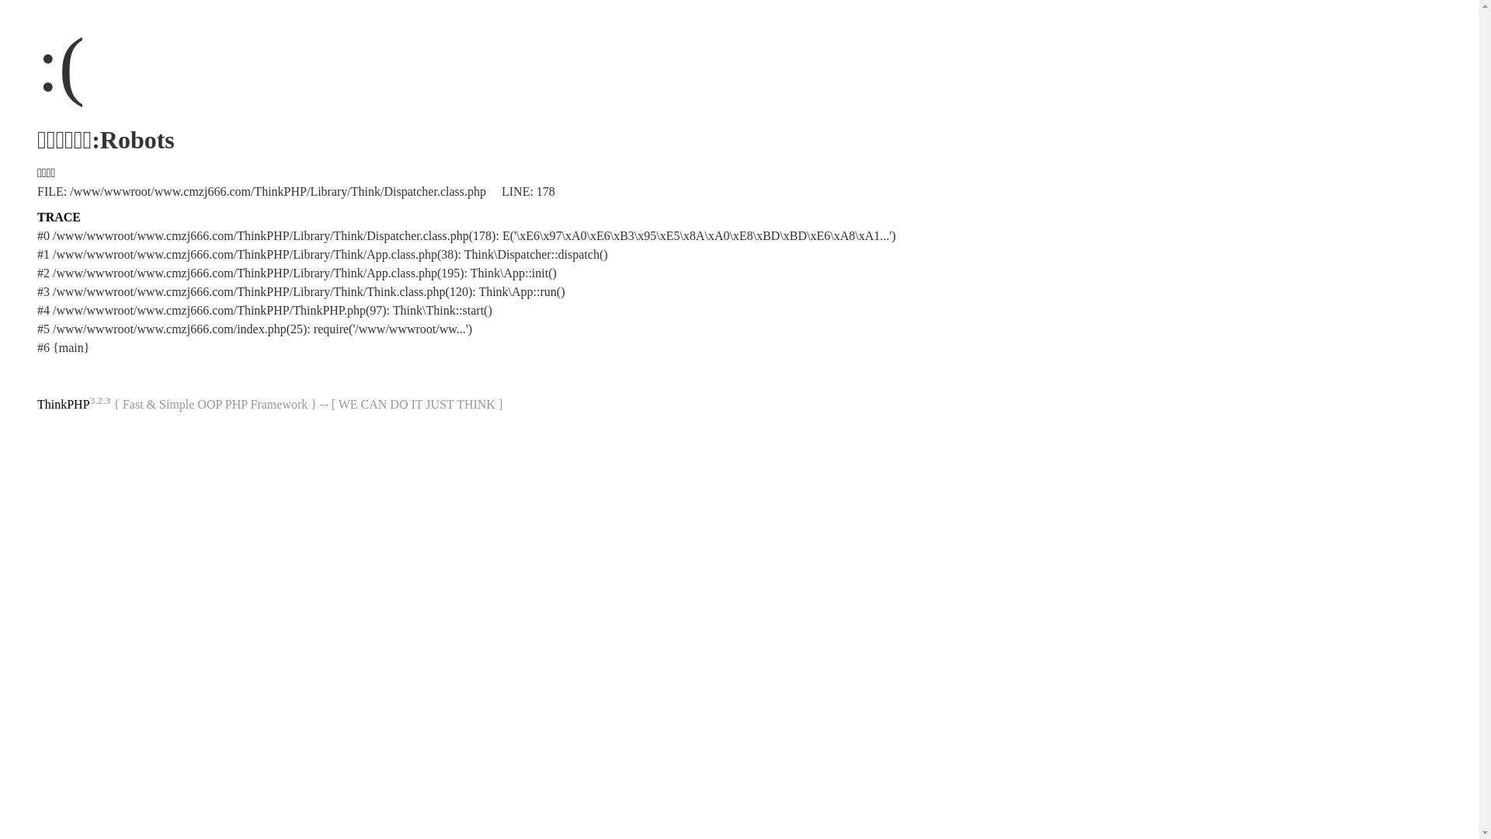 The width and height of the screenshot is (1491, 839). What do you see at coordinates (62, 403) in the screenshot?
I see `'ThinkPHP'` at bounding box center [62, 403].